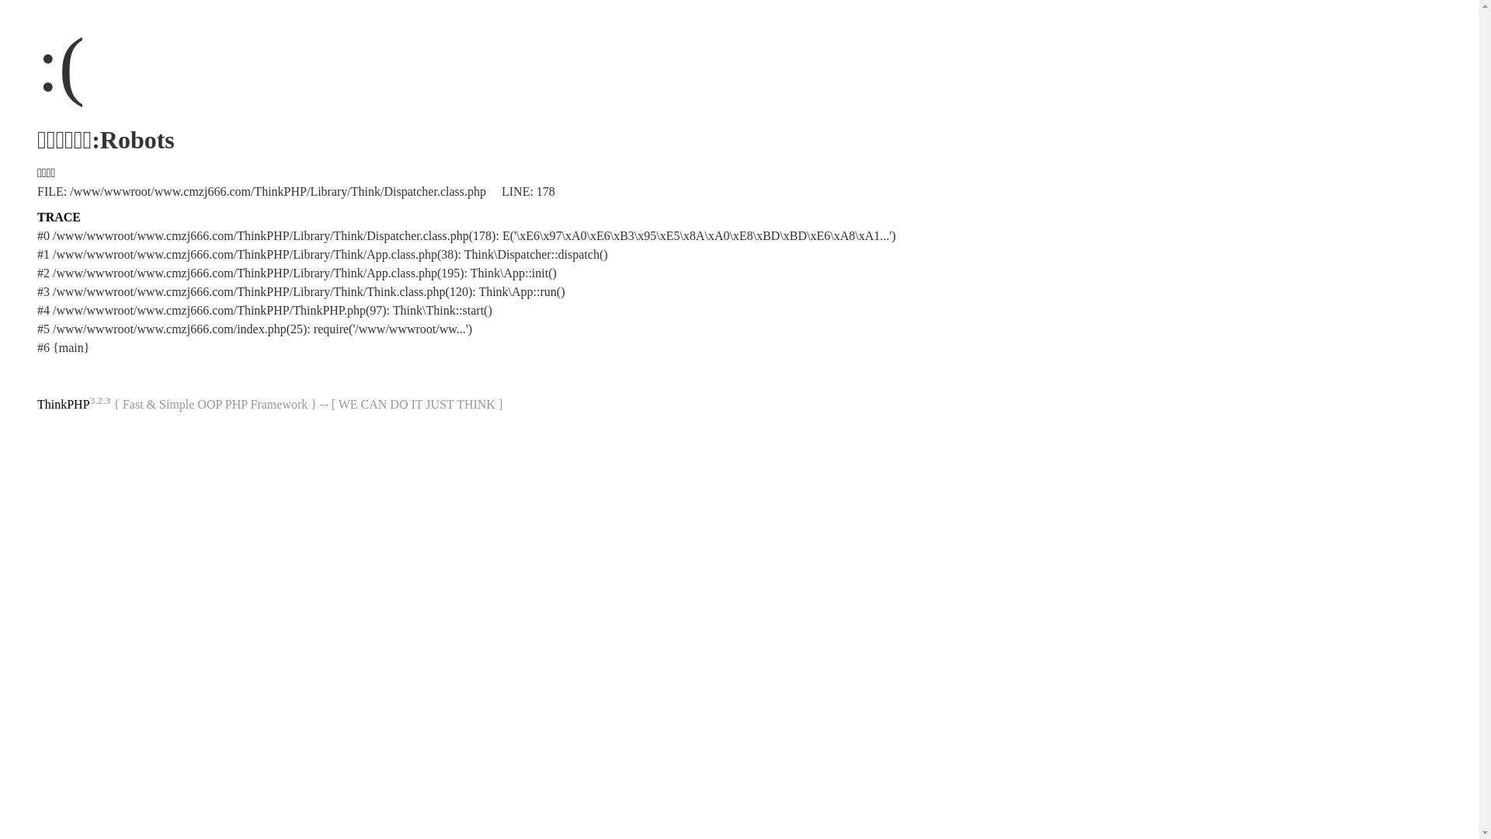 The width and height of the screenshot is (1491, 839). What do you see at coordinates (62, 403) in the screenshot?
I see `'ThinkPHP'` at bounding box center [62, 403].